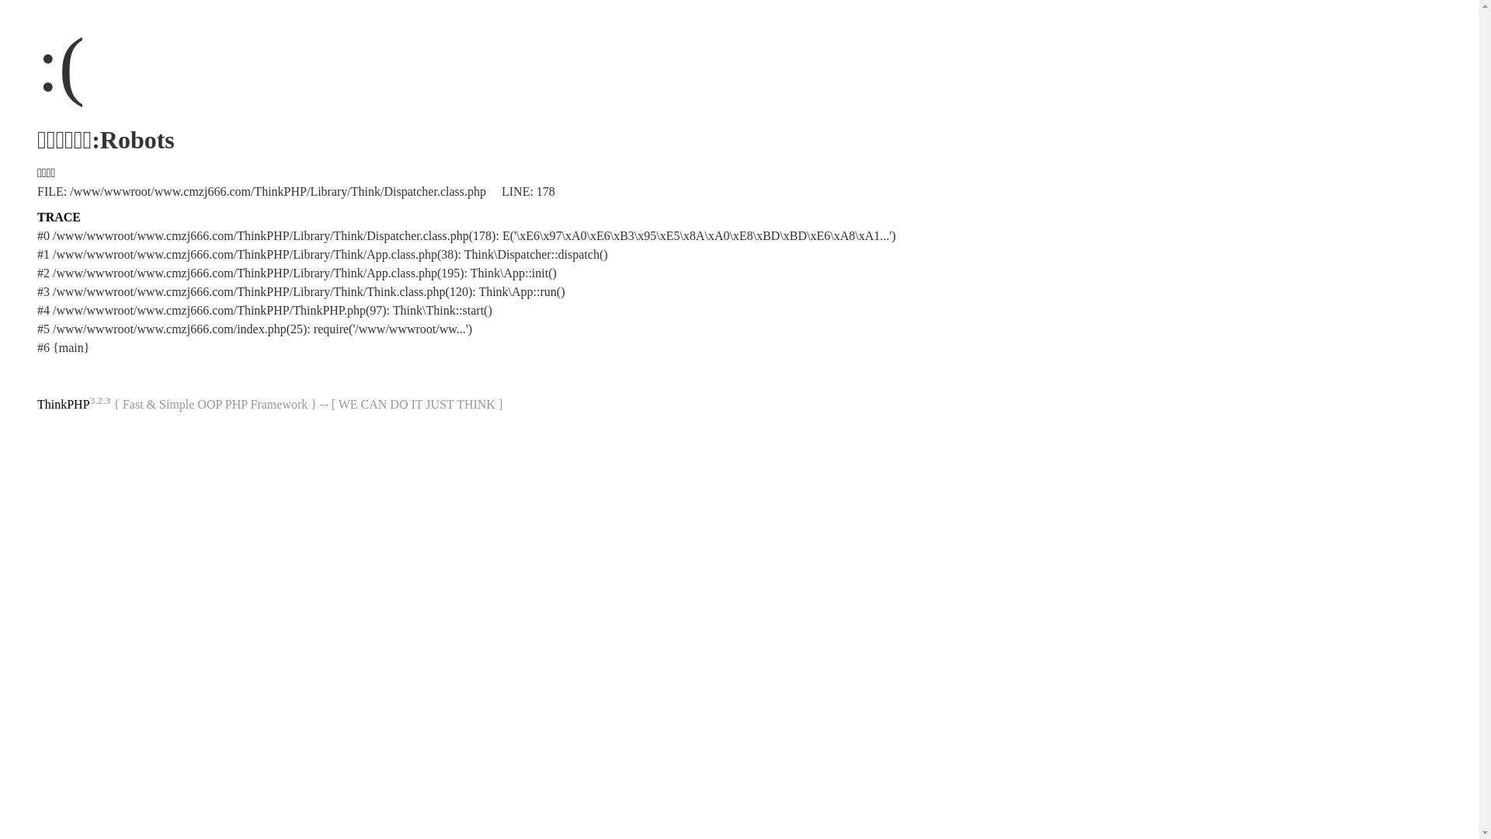 The width and height of the screenshot is (1491, 839). What do you see at coordinates (62, 403) in the screenshot?
I see `'ThinkPHP'` at bounding box center [62, 403].